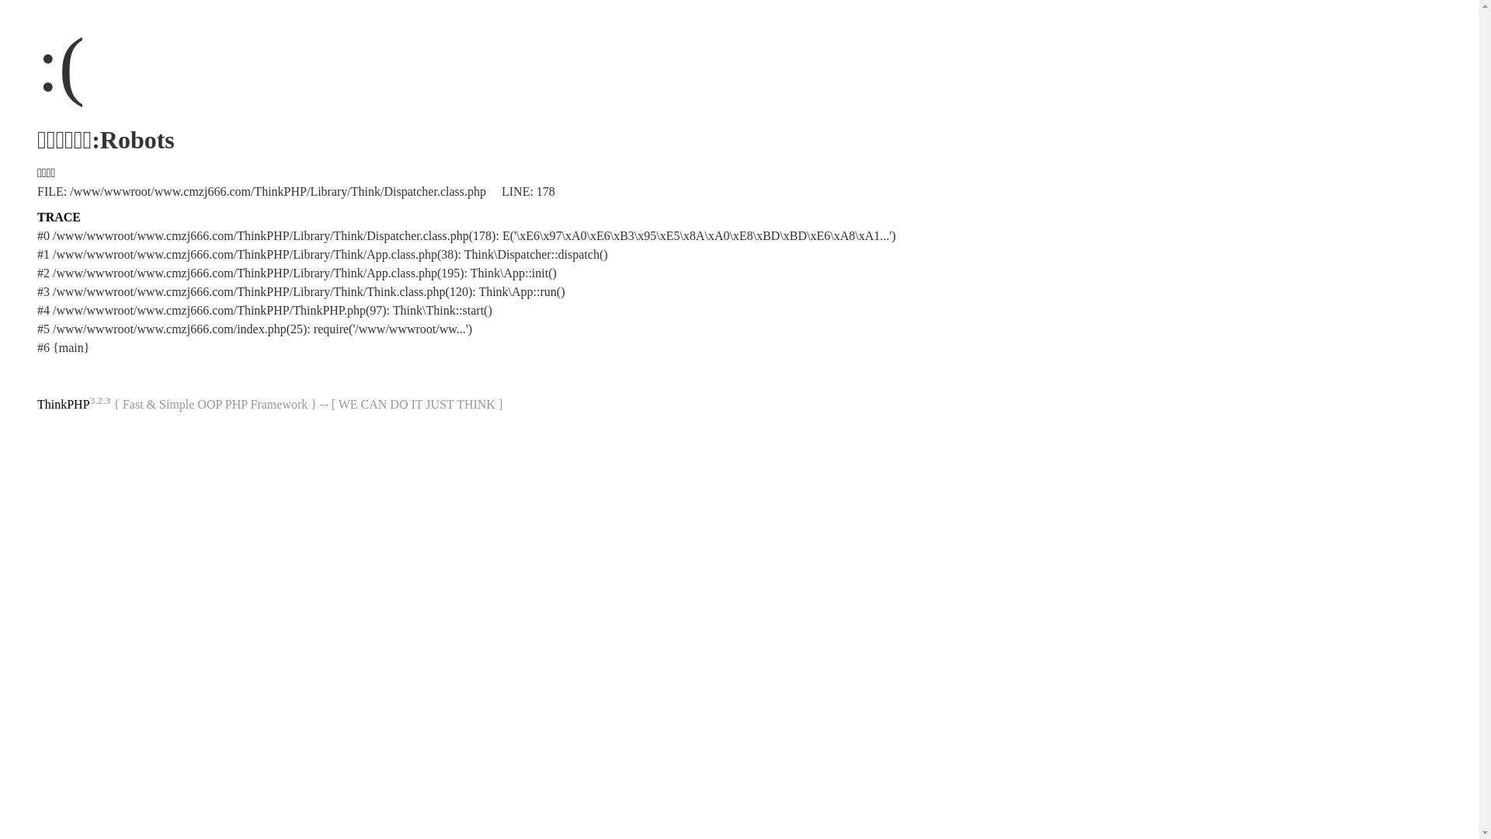 The width and height of the screenshot is (1491, 839). What do you see at coordinates (62, 403) in the screenshot?
I see `'ThinkPHP'` at bounding box center [62, 403].